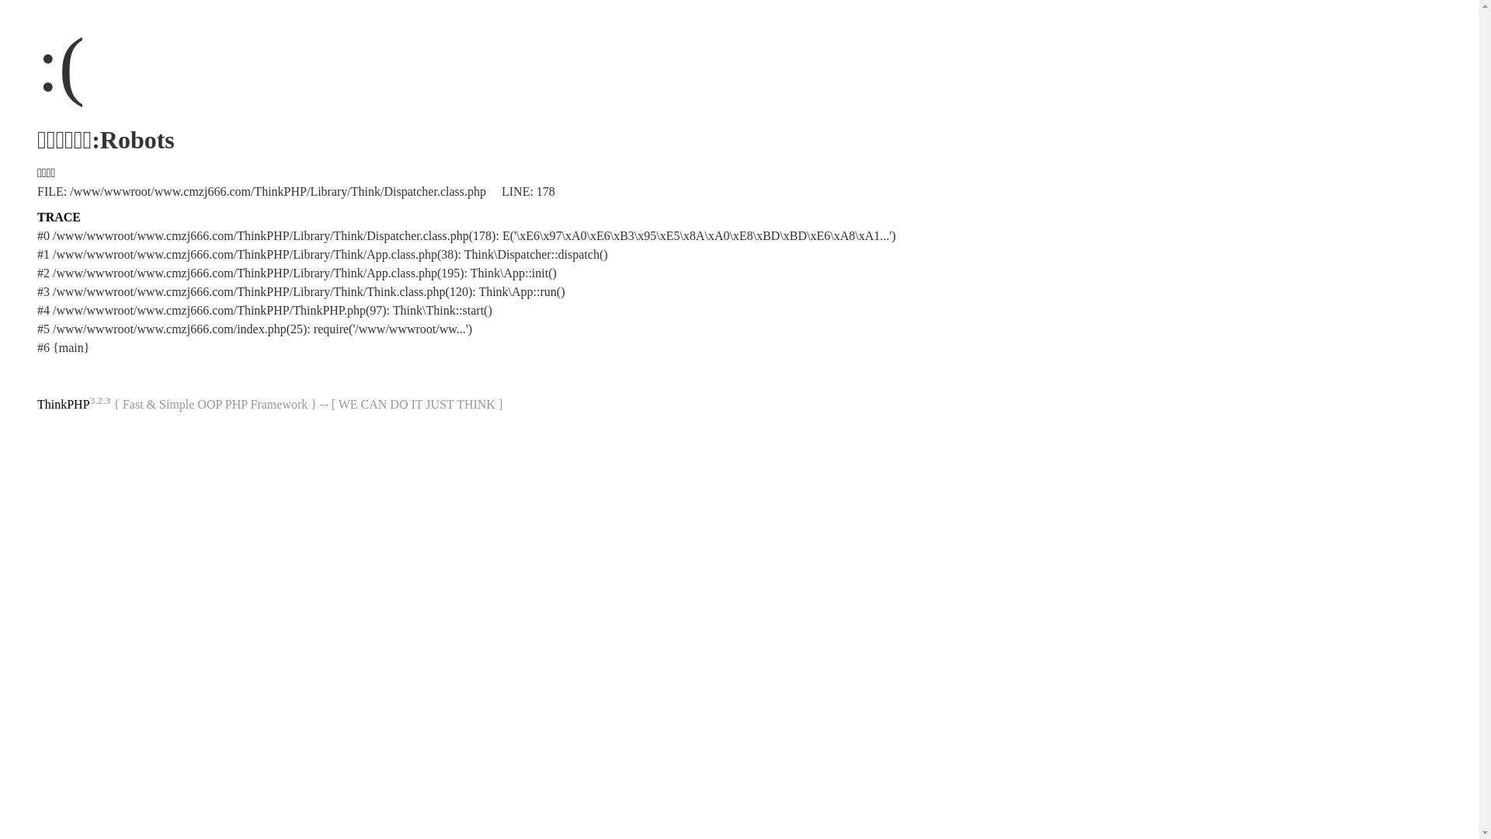 The width and height of the screenshot is (1491, 839). What do you see at coordinates (62, 403) in the screenshot?
I see `'ThinkPHP'` at bounding box center [62, 403].